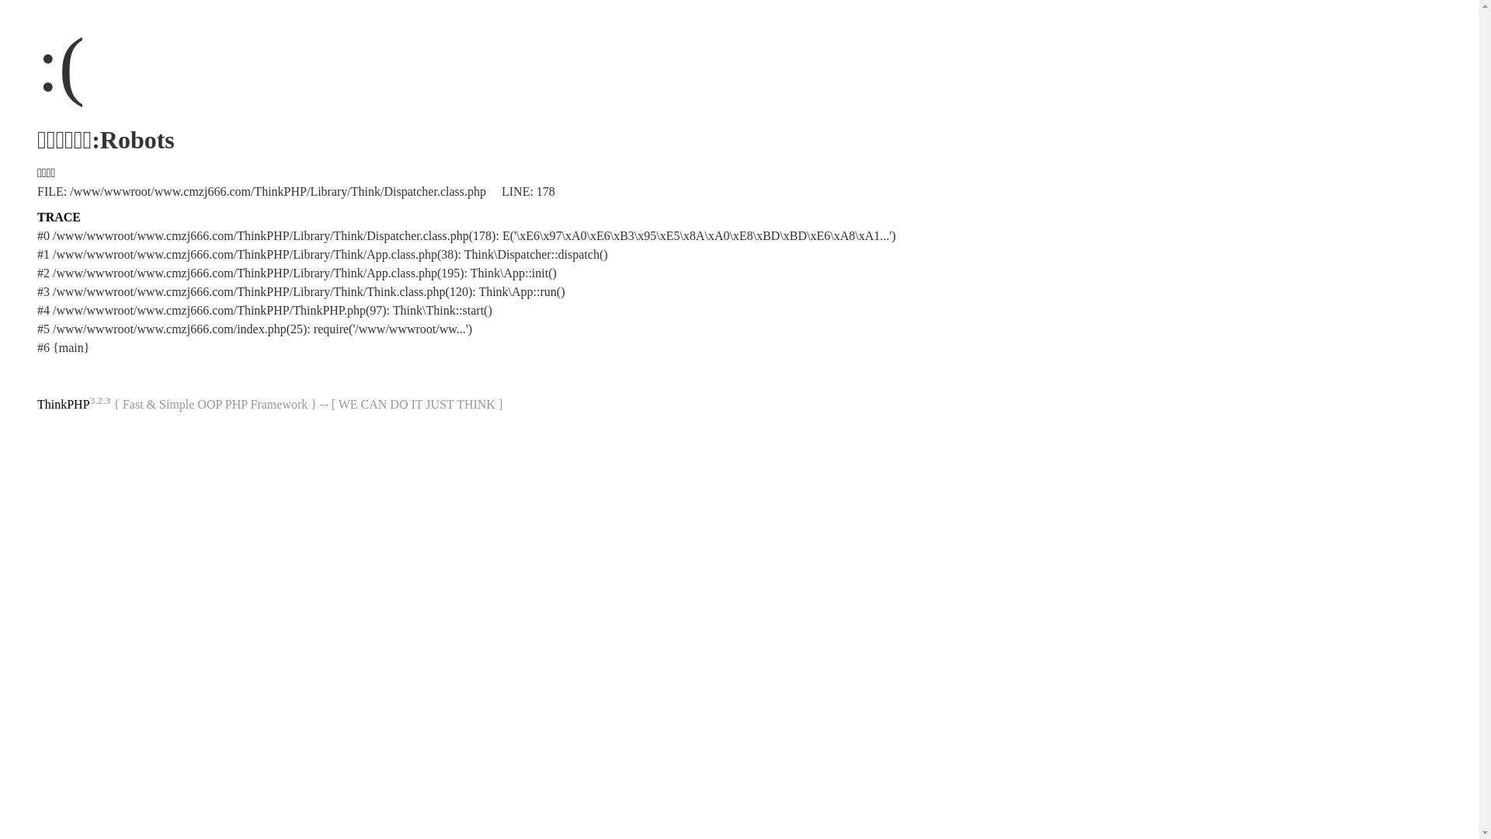 The width and height of the screenshot is (1491, 839). What do you see at coordinates (62, 403) in the screenshot?
I see `'ThinkPHP'` at bounding box center [62, 403].